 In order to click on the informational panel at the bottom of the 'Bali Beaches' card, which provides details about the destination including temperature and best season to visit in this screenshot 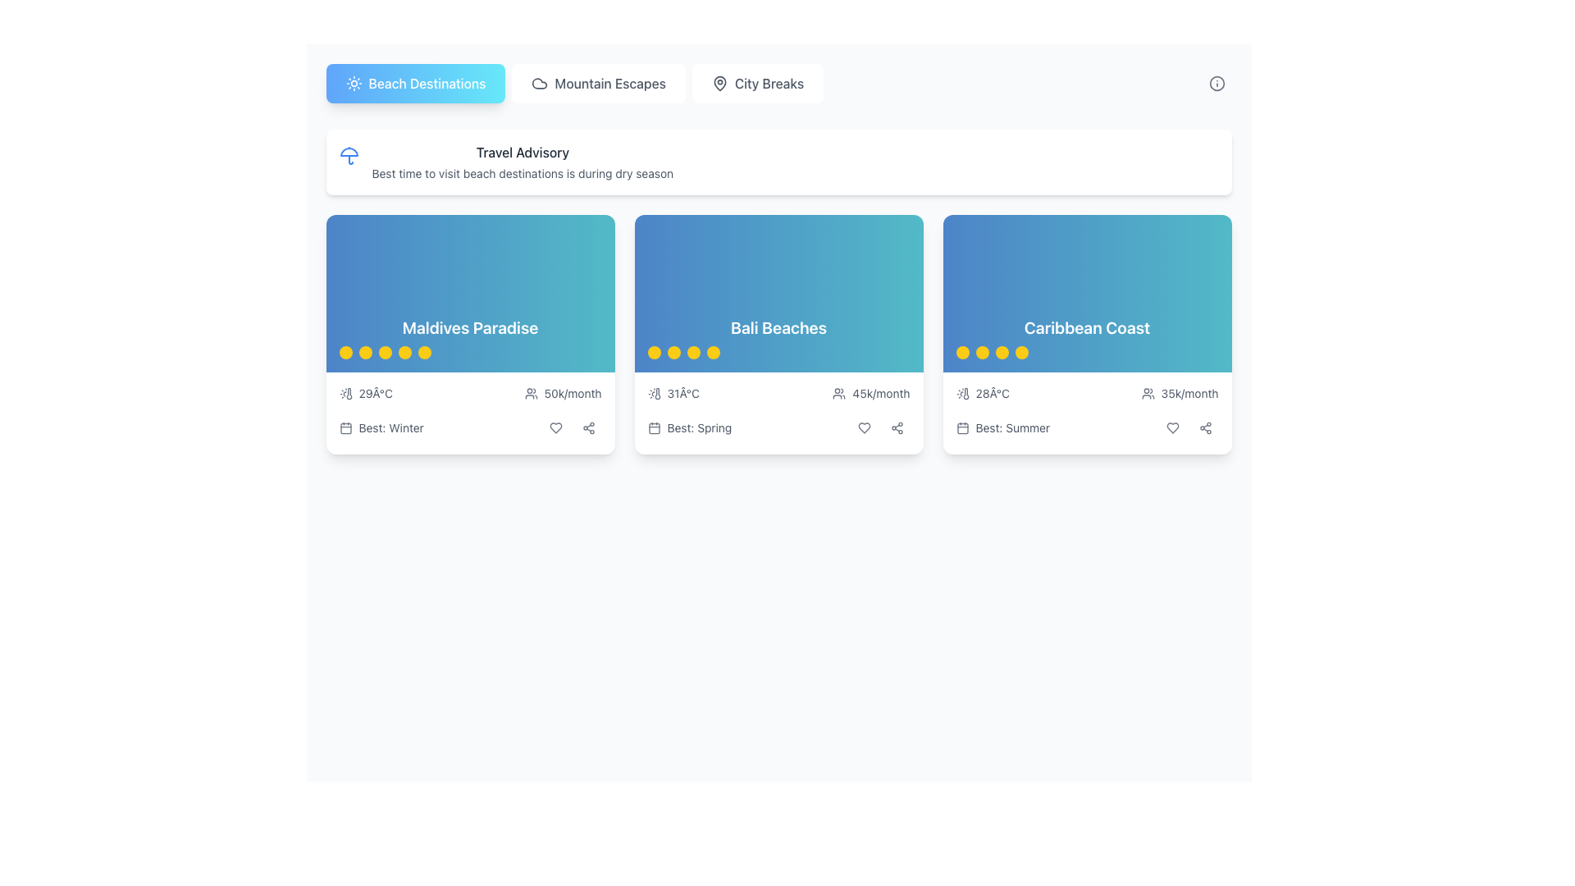, I will do `click(778, 413)`.